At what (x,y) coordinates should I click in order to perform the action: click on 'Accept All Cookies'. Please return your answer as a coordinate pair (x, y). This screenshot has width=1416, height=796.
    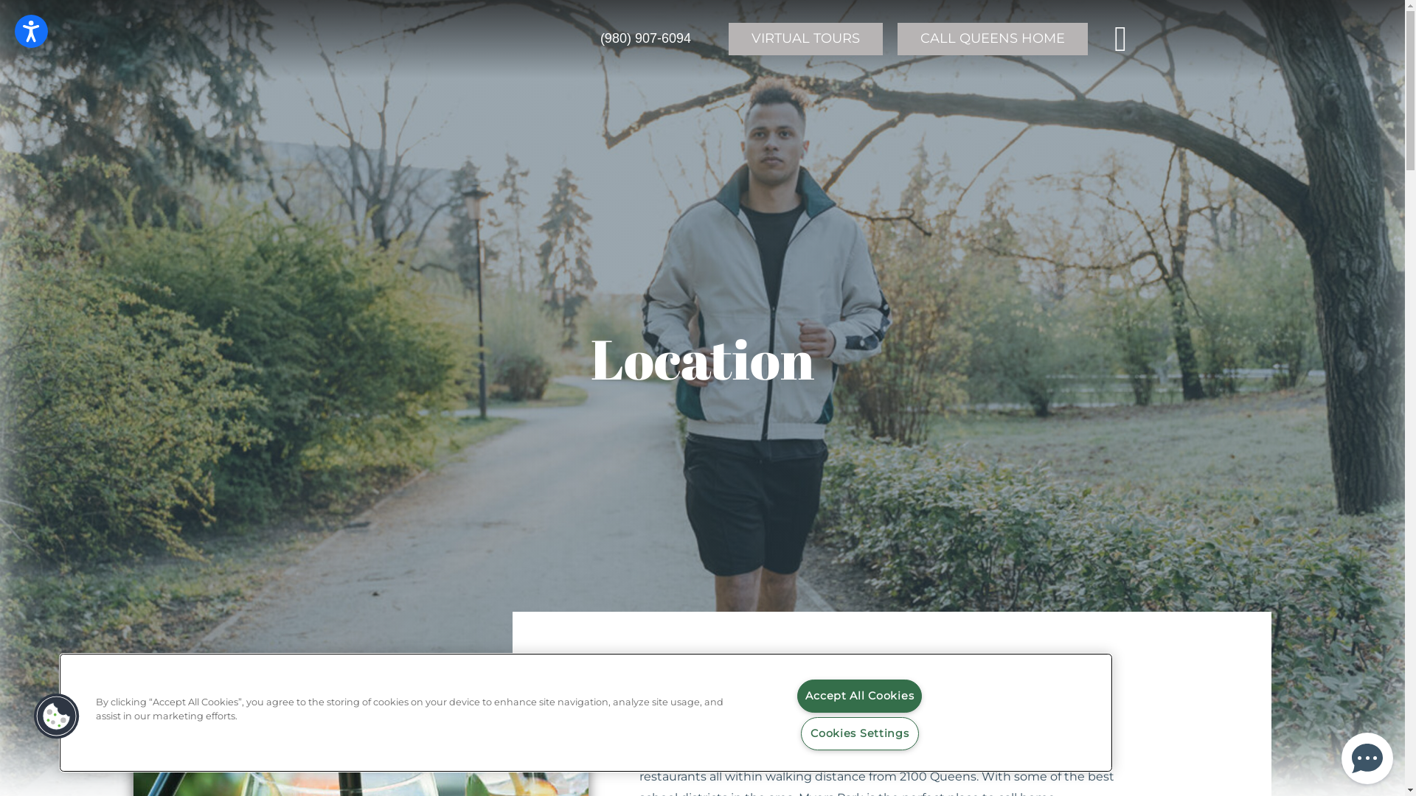
    Looking at the image, I should click on (859, 696).